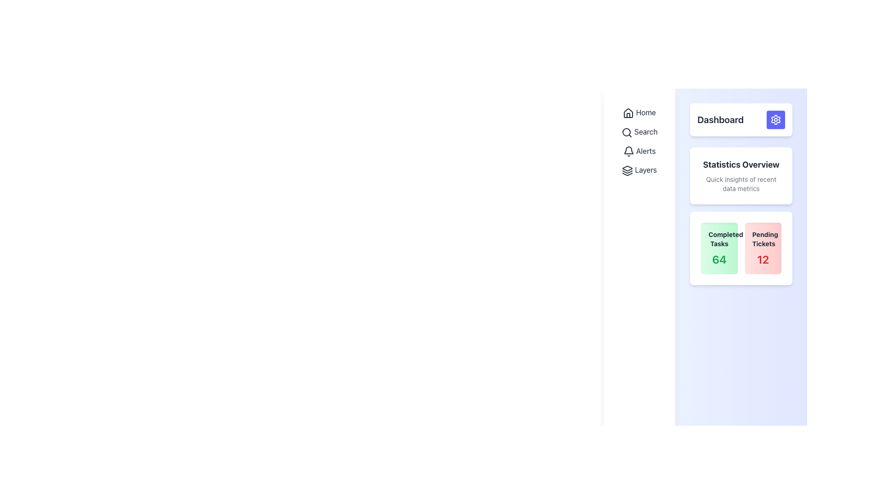 This screenshot has height=496, width=882. What do you see at coordinates (763, 238) in the screenshot?
I see `text label displaying 'Pending Tickets' located above the number '12' in the bottom right card of the 'Statistics Overview' section` at bounding box center [763, 238].